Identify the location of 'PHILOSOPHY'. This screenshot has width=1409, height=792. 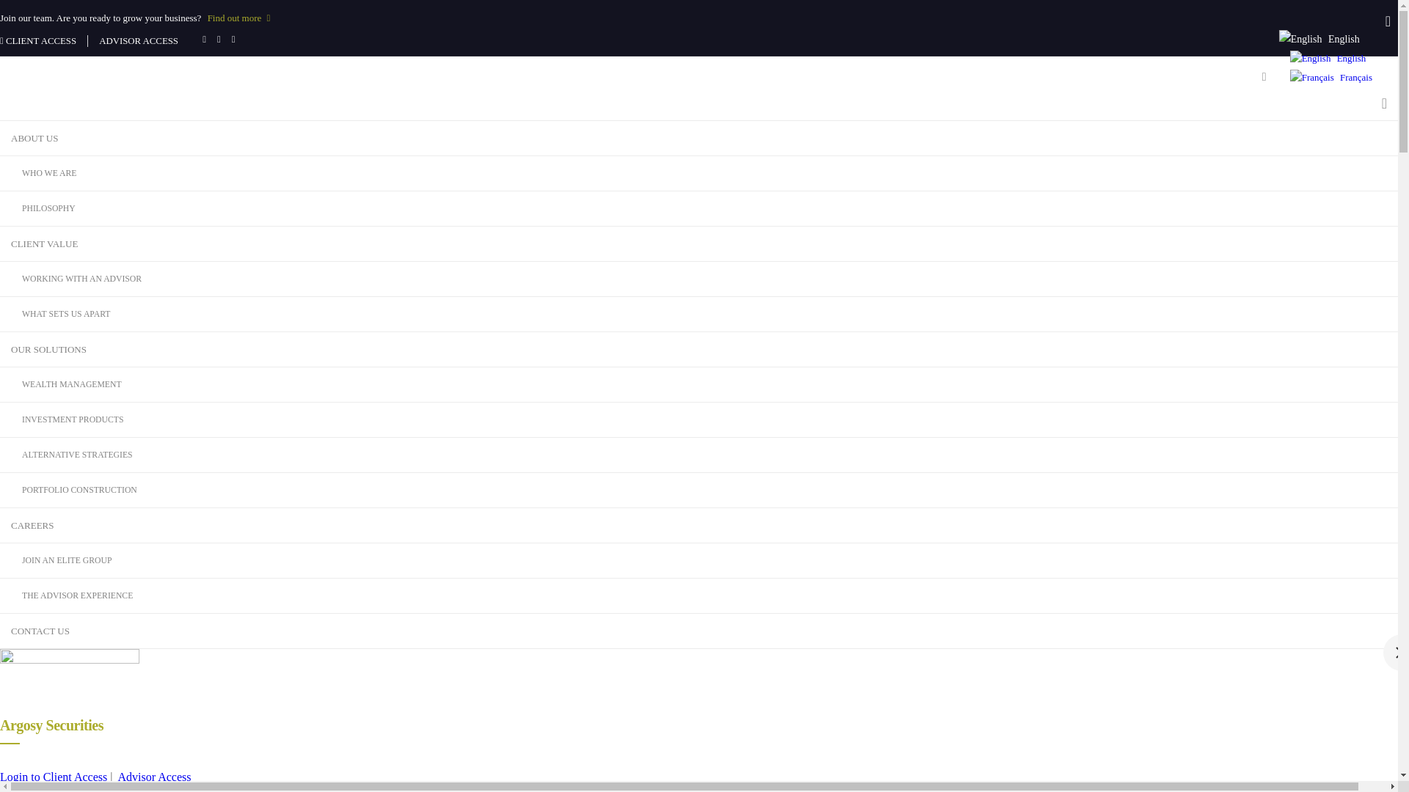
(0, 209).